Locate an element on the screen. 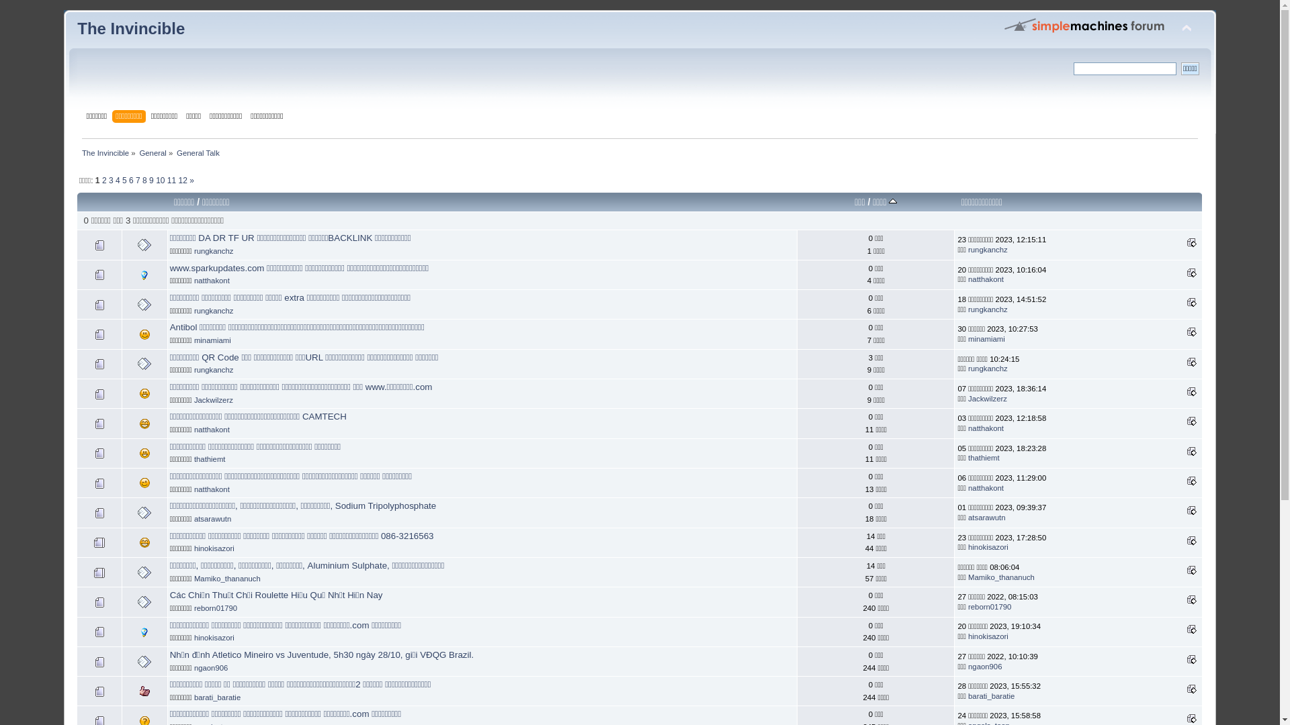 The height and width of the screenshot is (725, 1290). 'rungkanchz' is located at coordinates (193, 251).